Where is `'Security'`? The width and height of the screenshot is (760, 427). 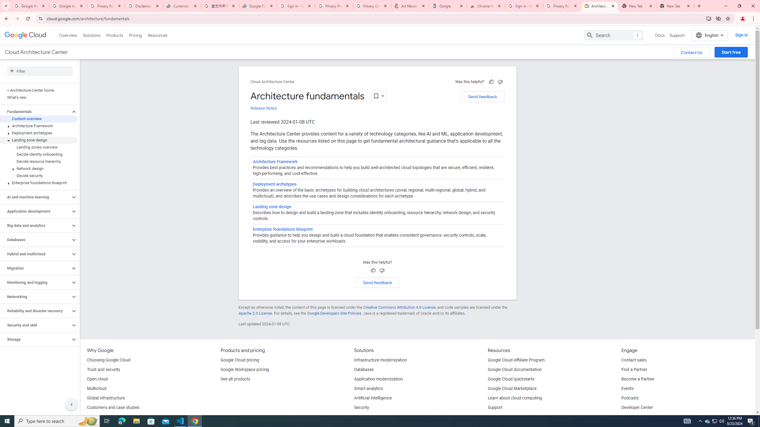 'Security' is located at coordinates (362, 407).